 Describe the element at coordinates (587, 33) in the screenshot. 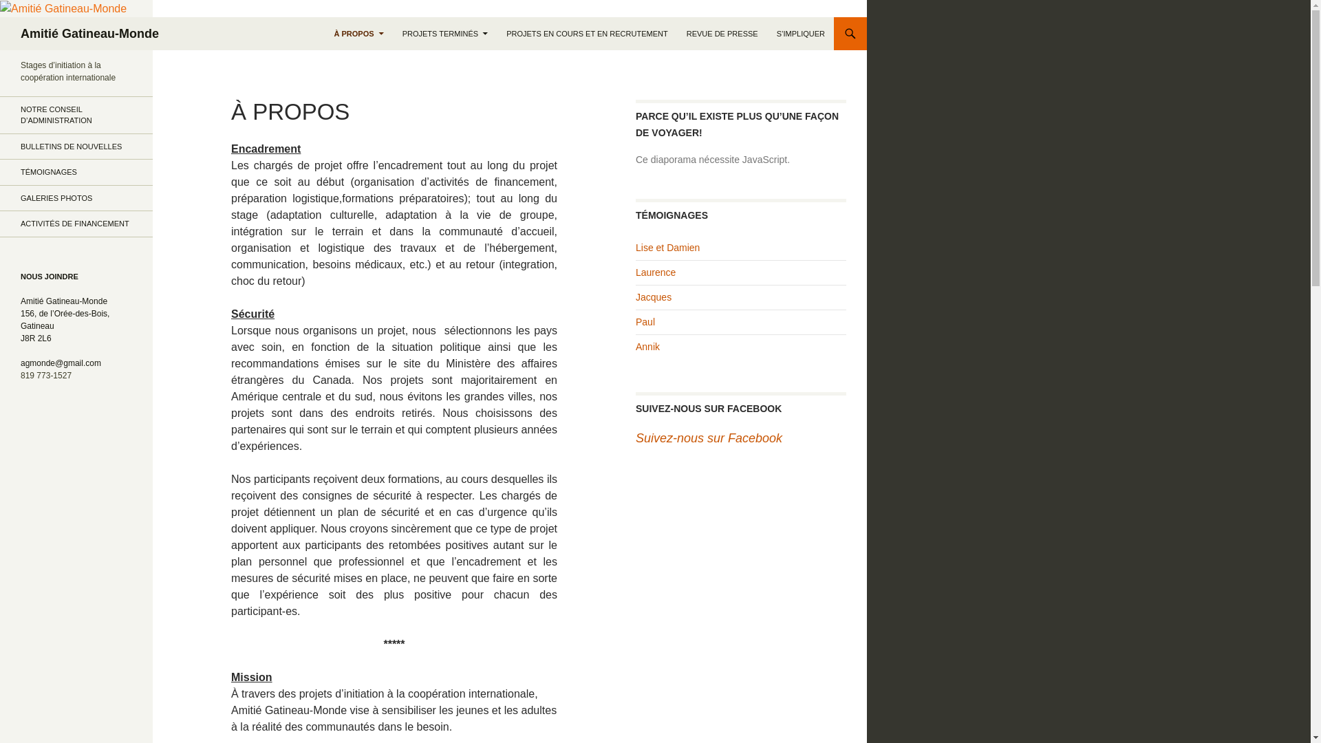

I see `'PROJETS EN COURS ET EN RECRUTEMENT'` at that location.